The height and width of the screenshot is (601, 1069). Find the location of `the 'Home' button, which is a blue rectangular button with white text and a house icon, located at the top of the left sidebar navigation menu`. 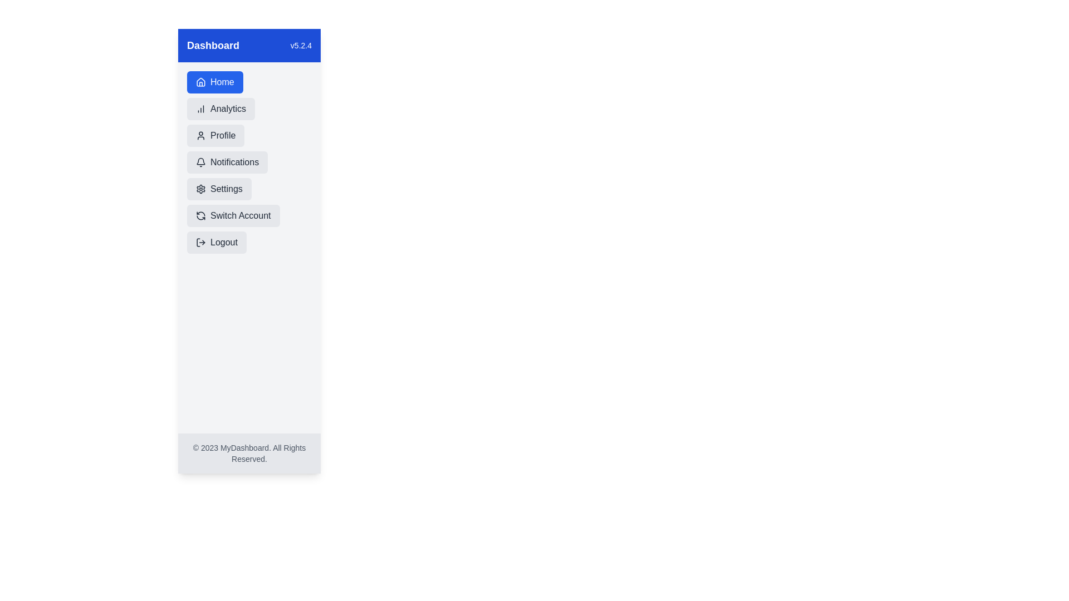

the 'Home' button, which is a blue rectangular button with white text and a house icon, located at the top of the left sidebar navigation menu is located at coordinates (215, 81).